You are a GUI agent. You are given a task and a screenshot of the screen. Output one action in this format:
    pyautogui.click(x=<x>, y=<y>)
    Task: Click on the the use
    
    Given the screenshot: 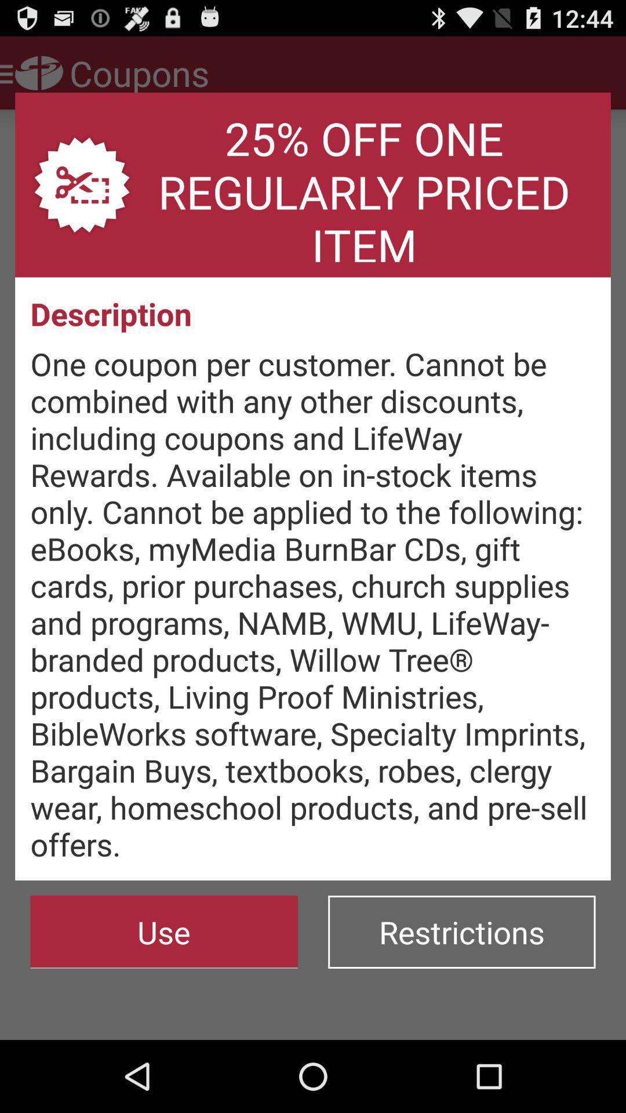 What is the action you would take?
    pyautogui.click(x=164, y=932)
    